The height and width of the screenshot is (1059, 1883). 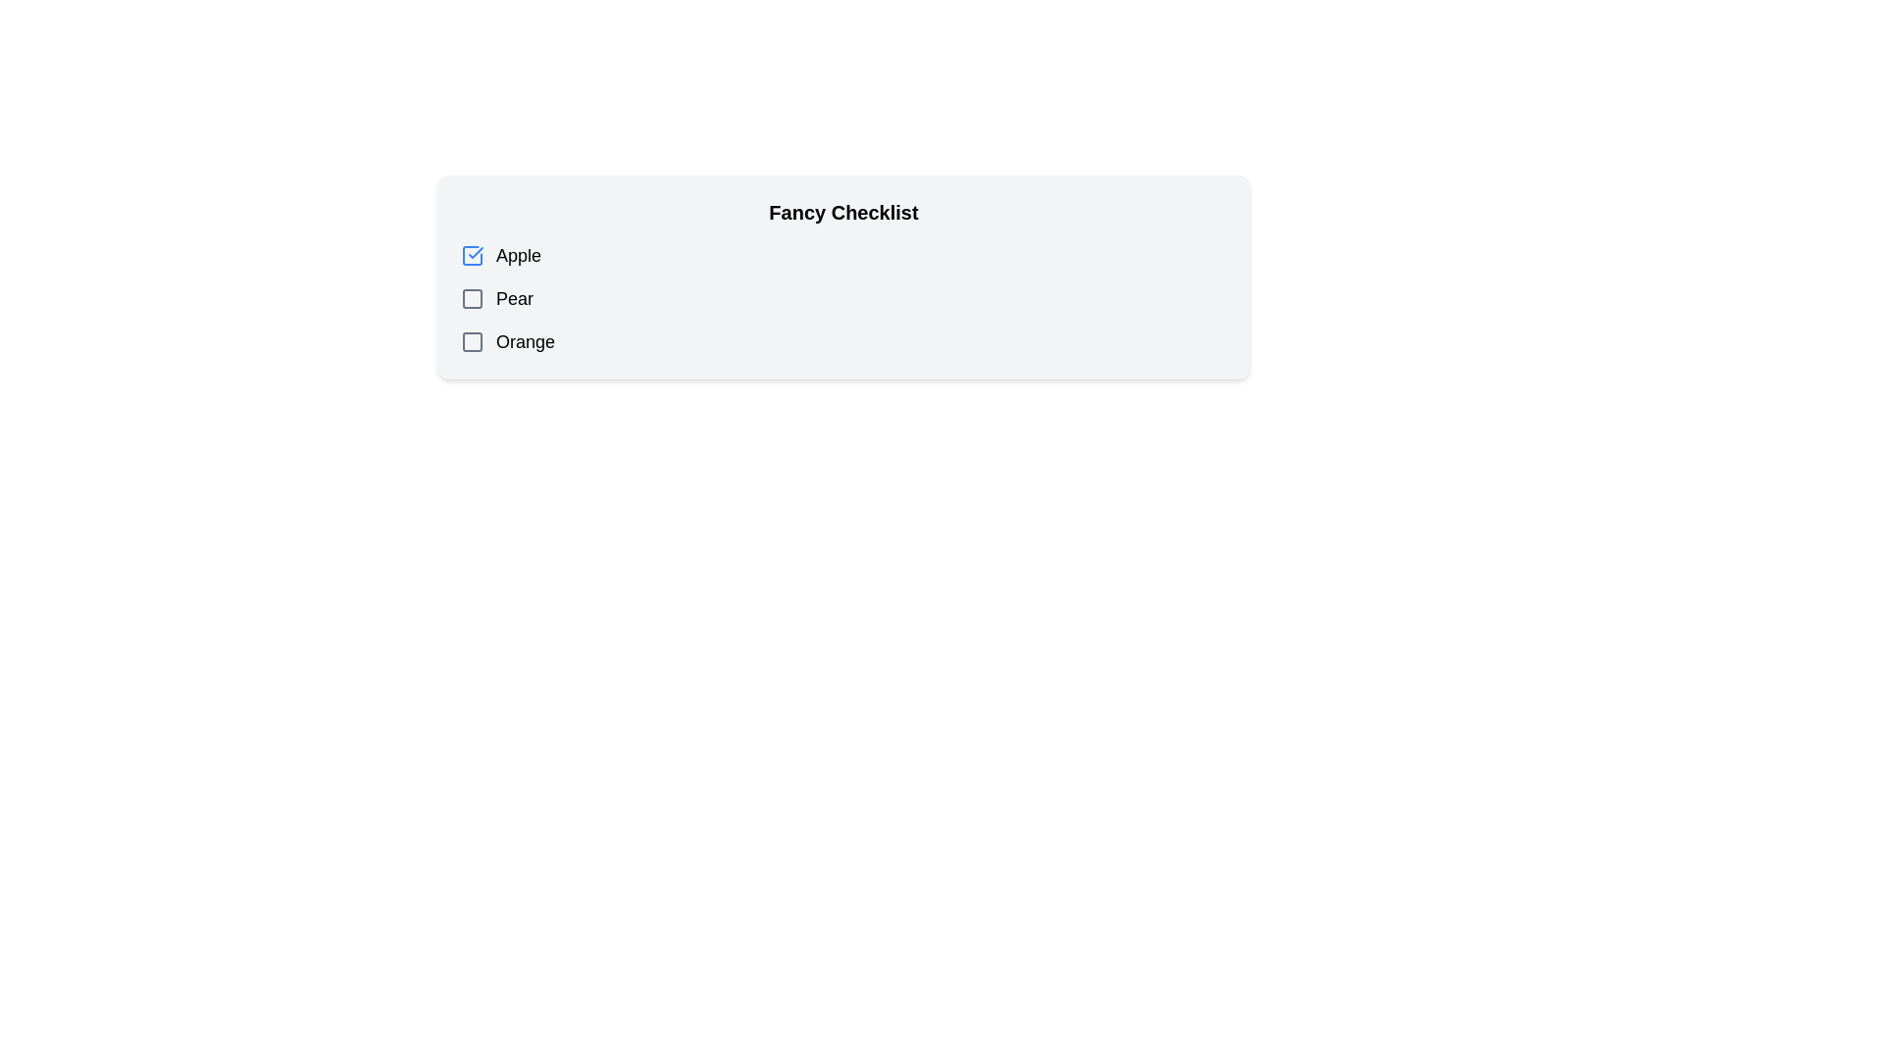 I want to click on the gray checkbox icon located to the left of the text 'Orange', so click(x=472, y=340).